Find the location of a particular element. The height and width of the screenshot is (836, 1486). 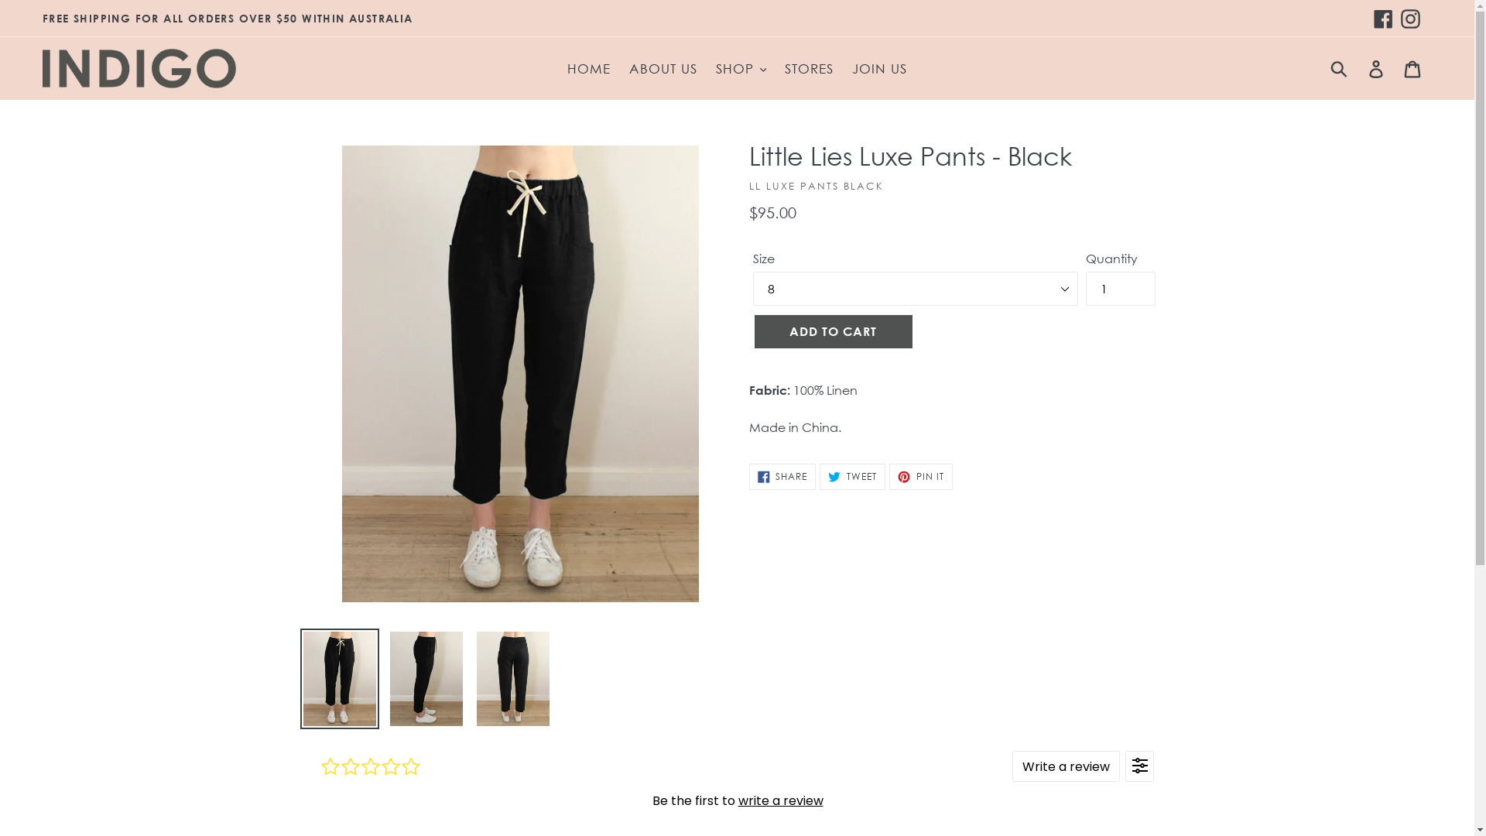

'ADD TO CART' is located at coordinates (831, 331).